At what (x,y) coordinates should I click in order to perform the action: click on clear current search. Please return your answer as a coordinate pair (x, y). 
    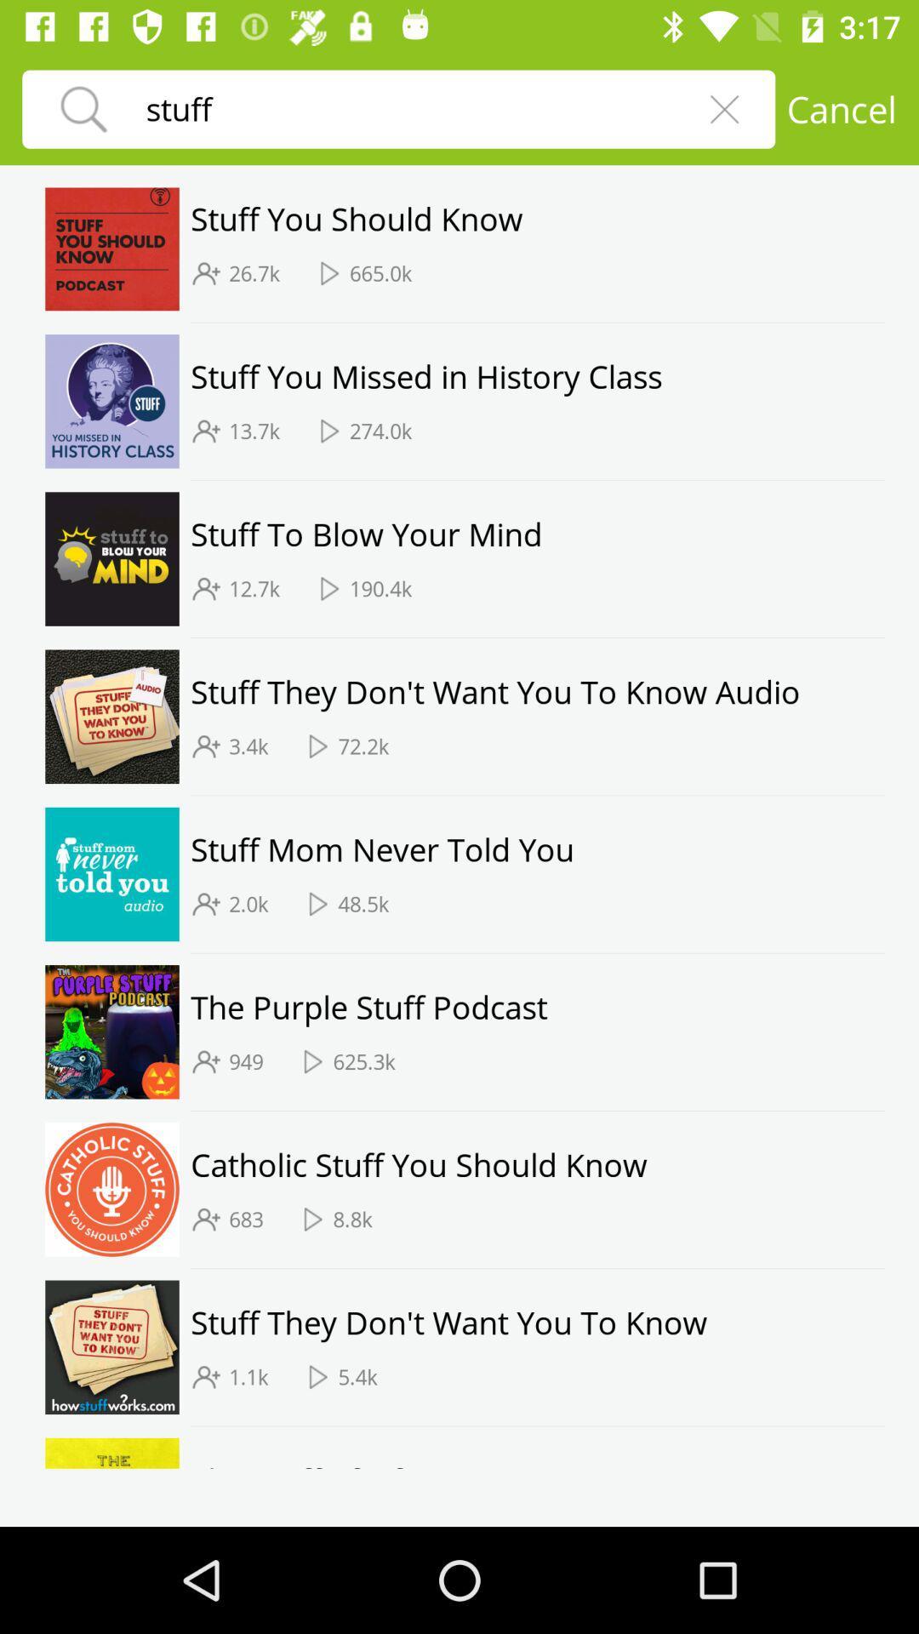
    Looking at the image, I should click on (724, 108).